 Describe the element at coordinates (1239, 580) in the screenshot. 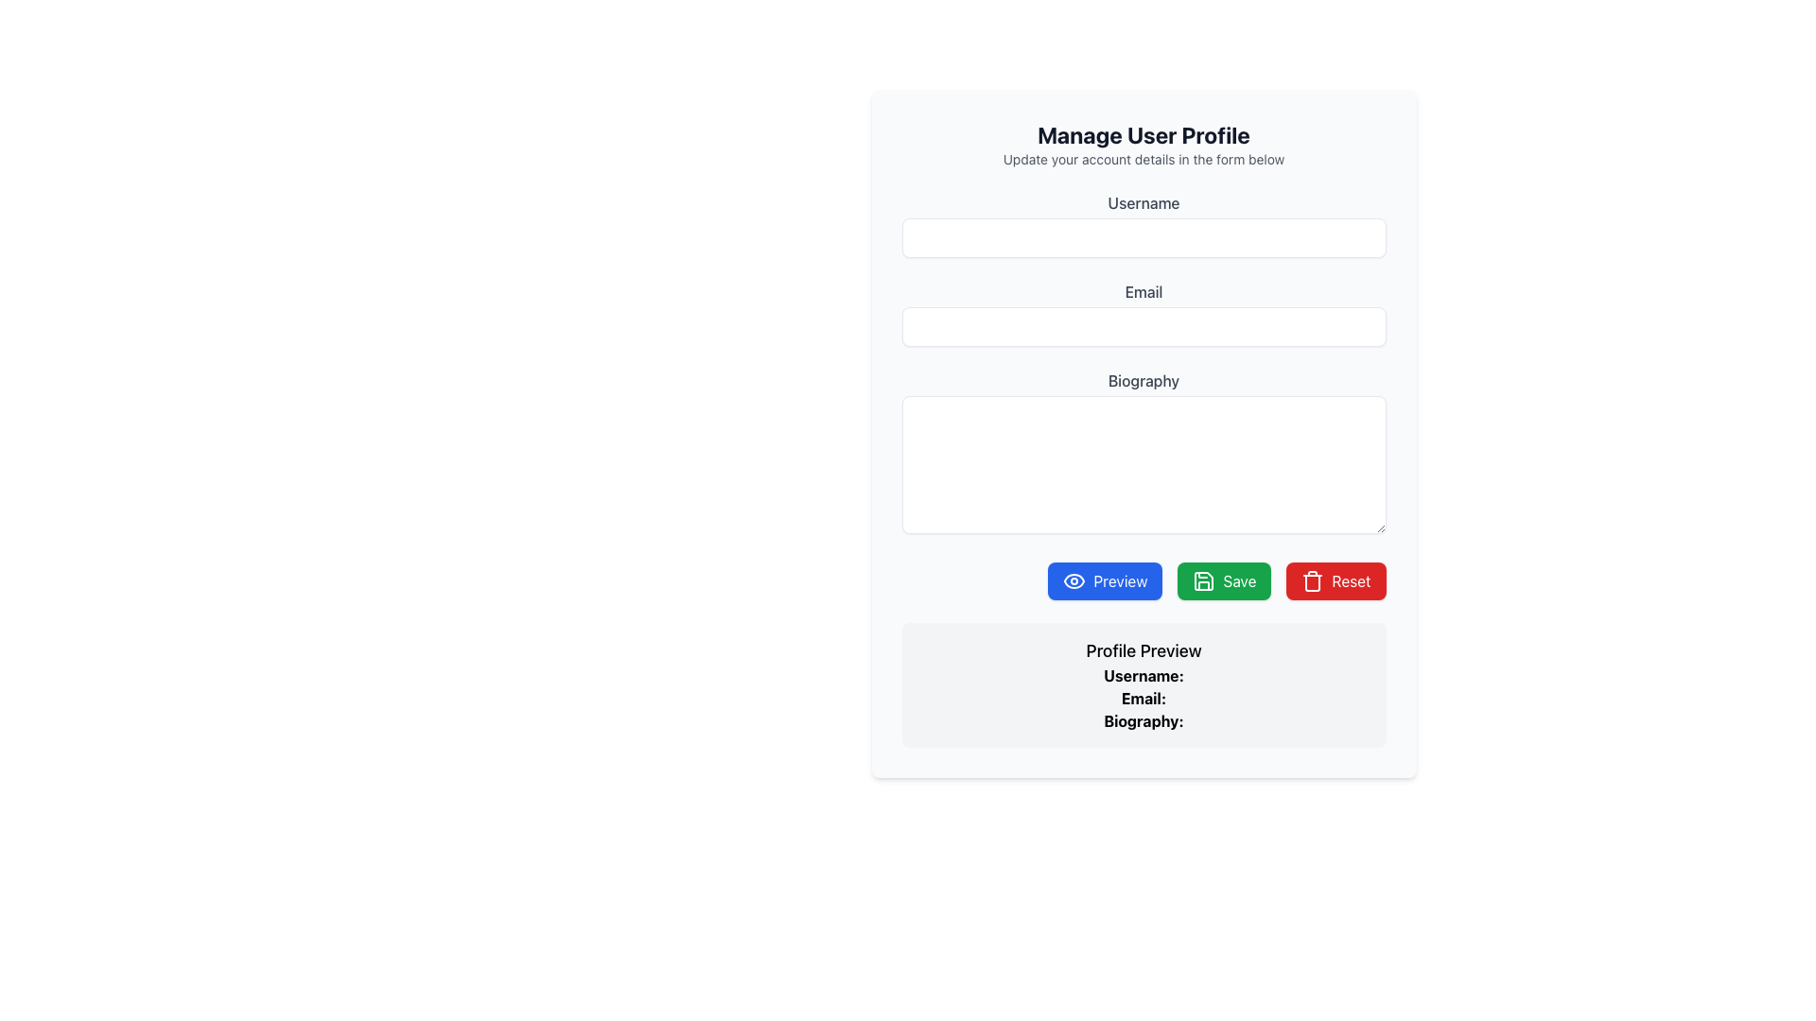

I see `the 'Save' button which is a green rectangular button with rounded corners, displaying the text label 'Save'` at that location.